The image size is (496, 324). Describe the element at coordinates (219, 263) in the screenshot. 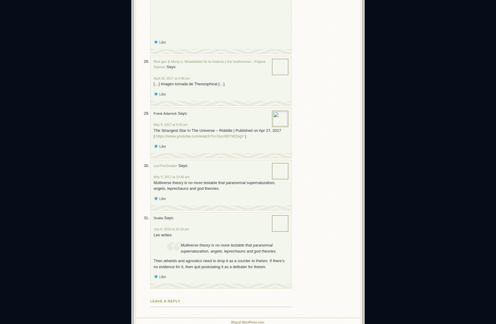

I see `'Then atheists and agnostics need to drop it as a counter to theism. If there’s no evidence for it, then quit postulating it as a defeater for theism.'` at that location.